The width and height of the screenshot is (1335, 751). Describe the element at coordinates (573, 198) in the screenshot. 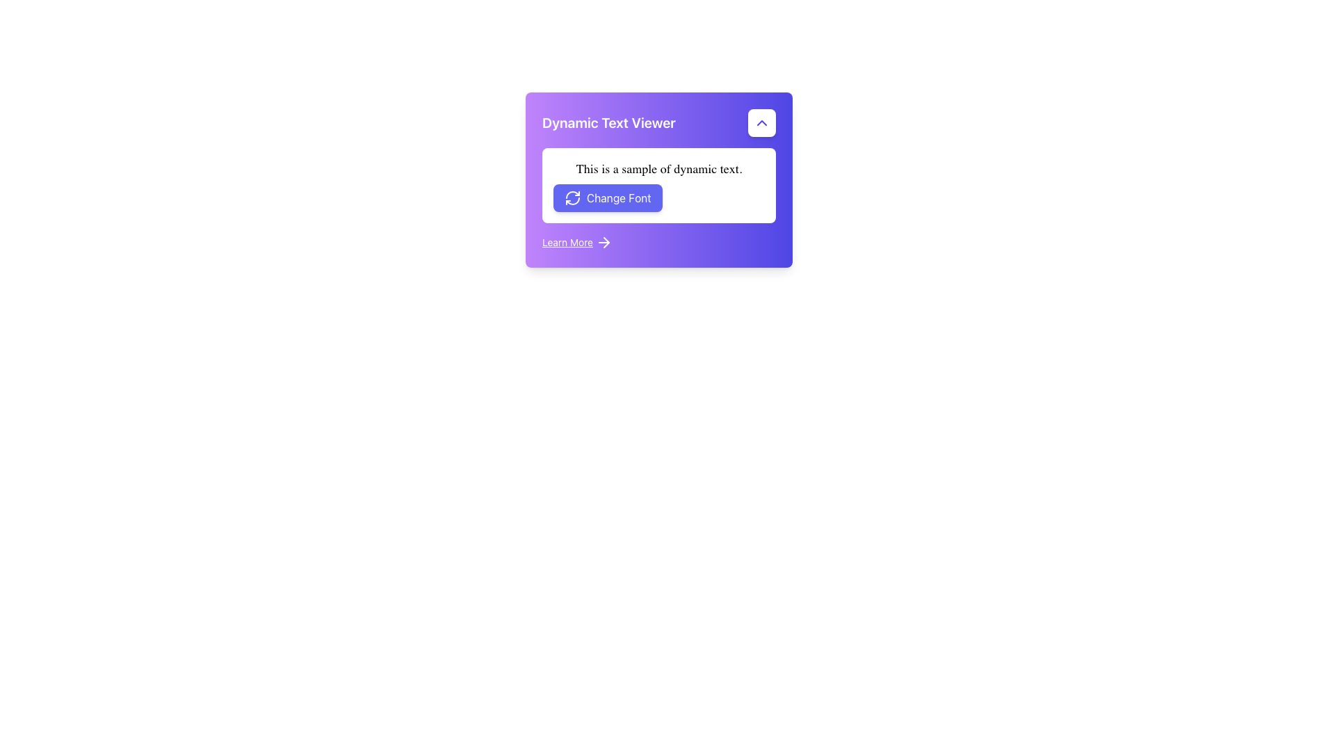

I see `the Decorative Icon, which is a circular refresh symbol outlined in white with a purple background, located to the left of the 'Change Font' text on the button in the 'Dynamic Text Viewer' card` at that location.